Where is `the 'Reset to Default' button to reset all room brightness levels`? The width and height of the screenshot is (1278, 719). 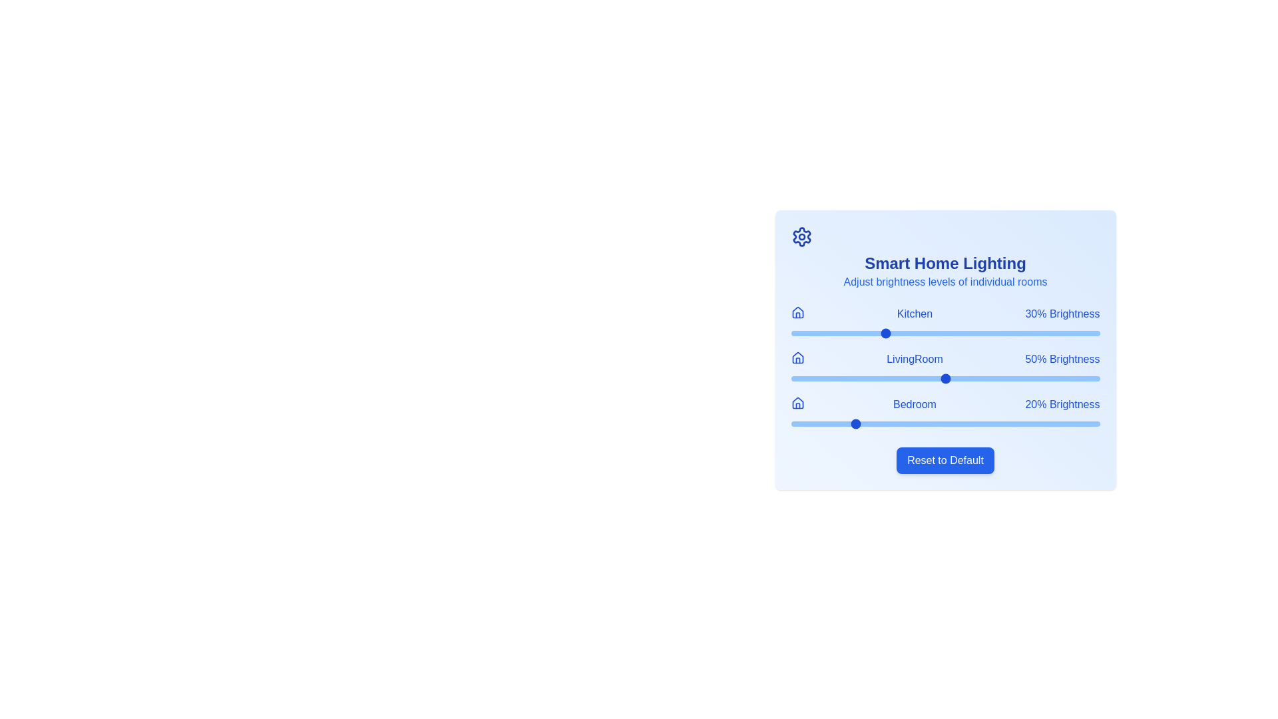
the 'Reset to Default' button to reset all room brightness levels is located at coordinates (945, 459).